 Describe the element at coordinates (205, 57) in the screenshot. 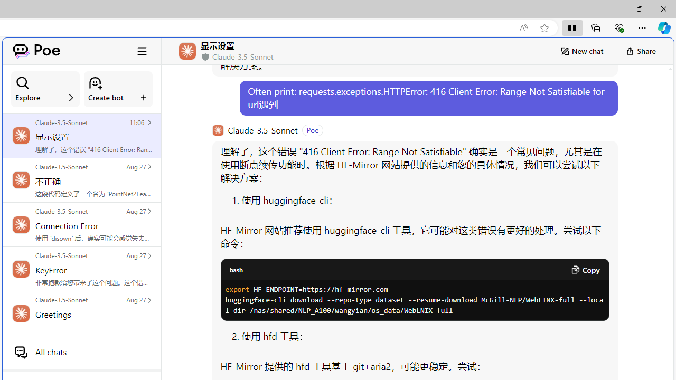

I see `'Class: ChatPrivacyIndicator_shieldIcon__4JelG'` at that location.